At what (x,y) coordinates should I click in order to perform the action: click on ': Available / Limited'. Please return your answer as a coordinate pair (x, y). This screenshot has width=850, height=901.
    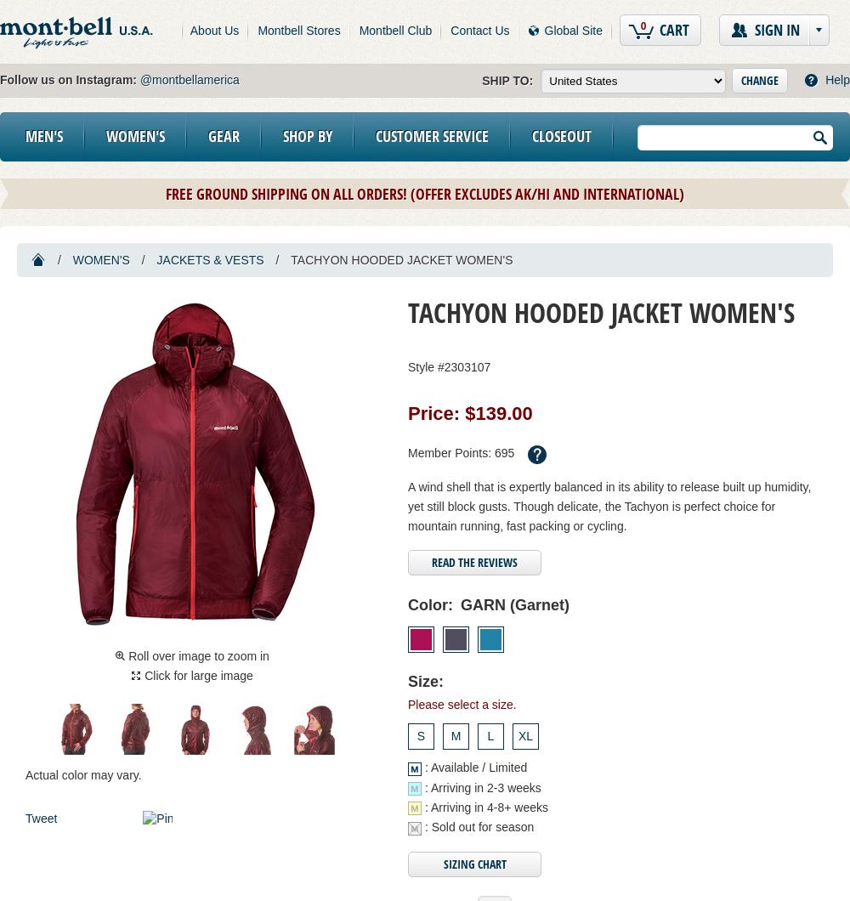
    Looking at the image, I should click on (421, 768).